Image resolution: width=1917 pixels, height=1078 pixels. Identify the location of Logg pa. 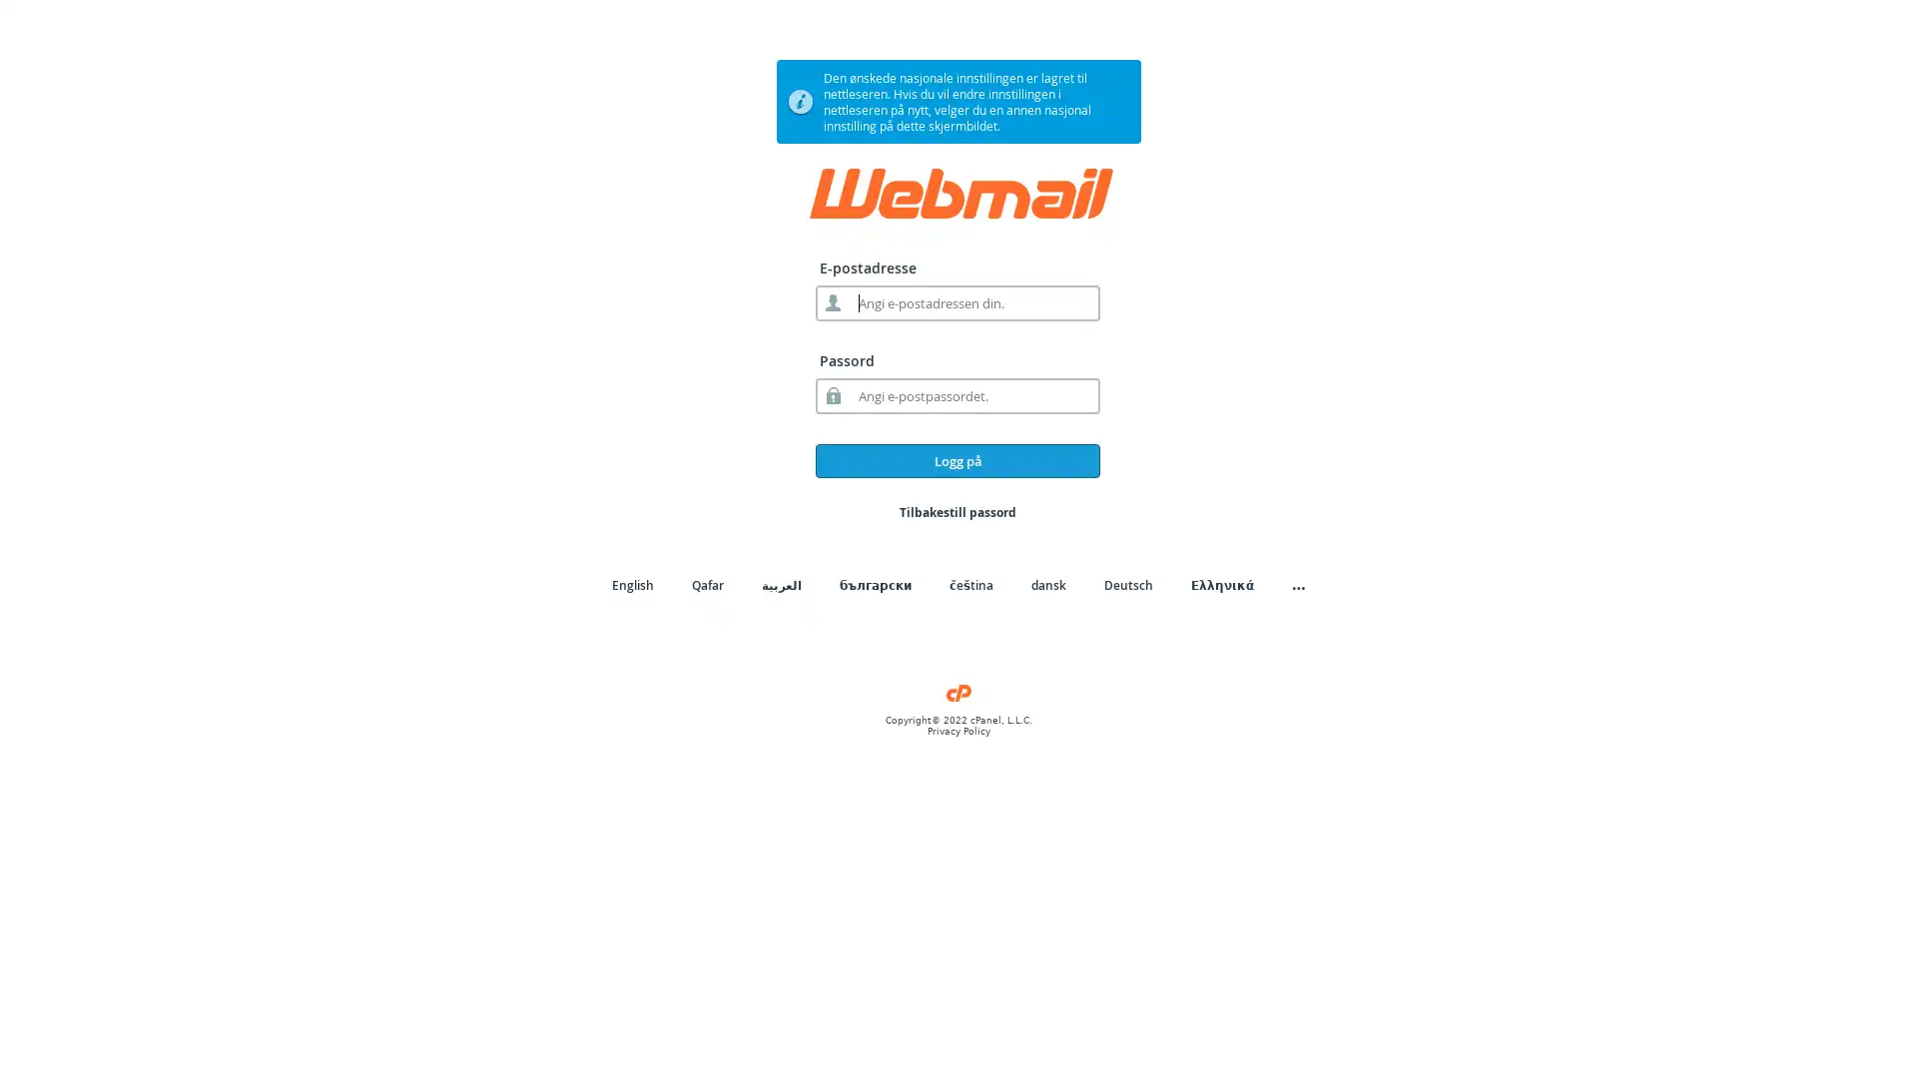
(957, 461).